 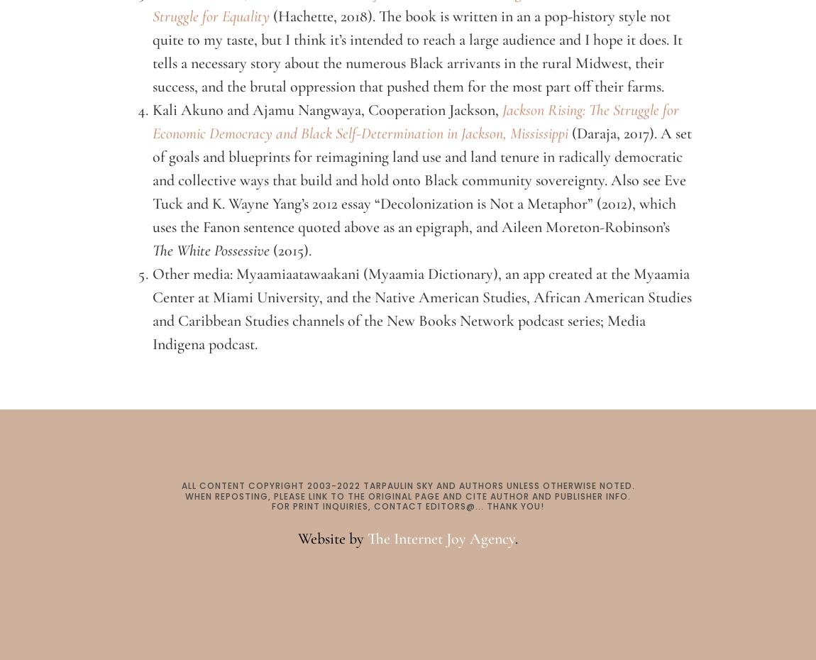 I want to click on '.', so click(x=515, y=538).